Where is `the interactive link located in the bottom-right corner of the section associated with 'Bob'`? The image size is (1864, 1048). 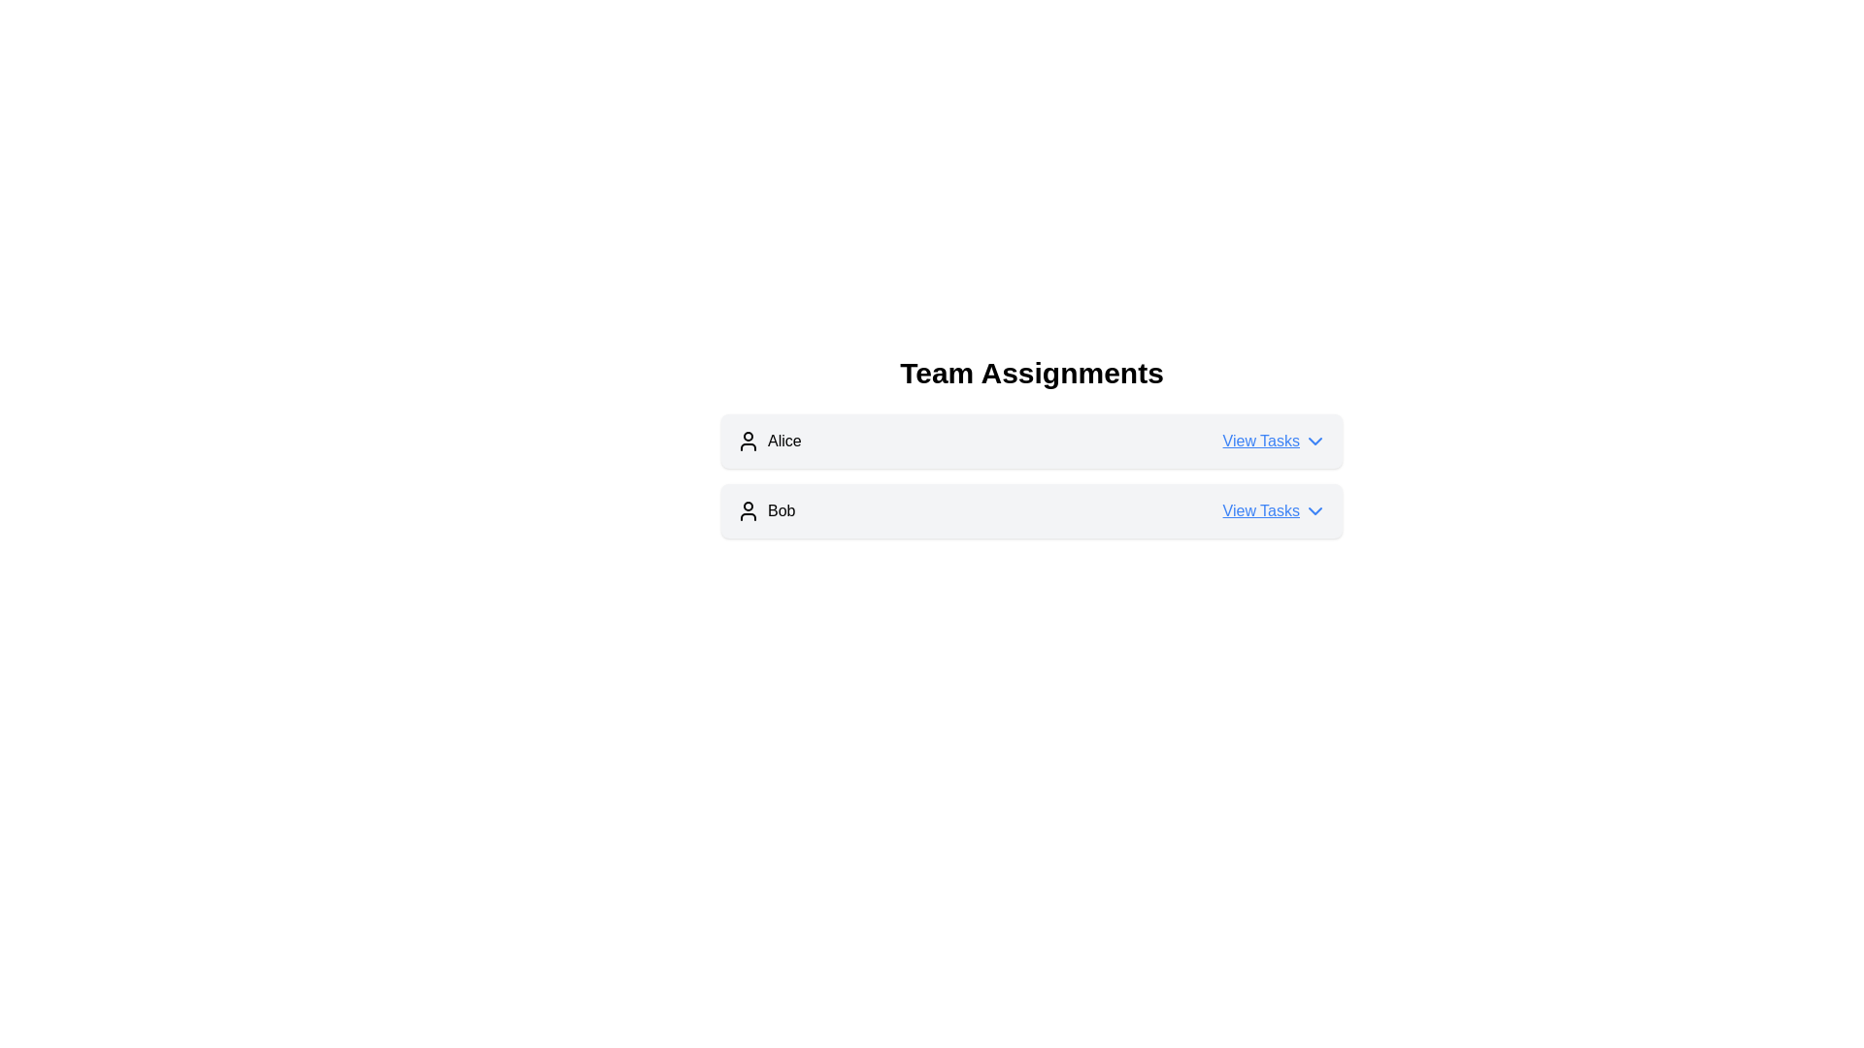
the interactive link located in the bottom-right corner of the section associated with 'Bob' is located at coordinates (1275, 510).